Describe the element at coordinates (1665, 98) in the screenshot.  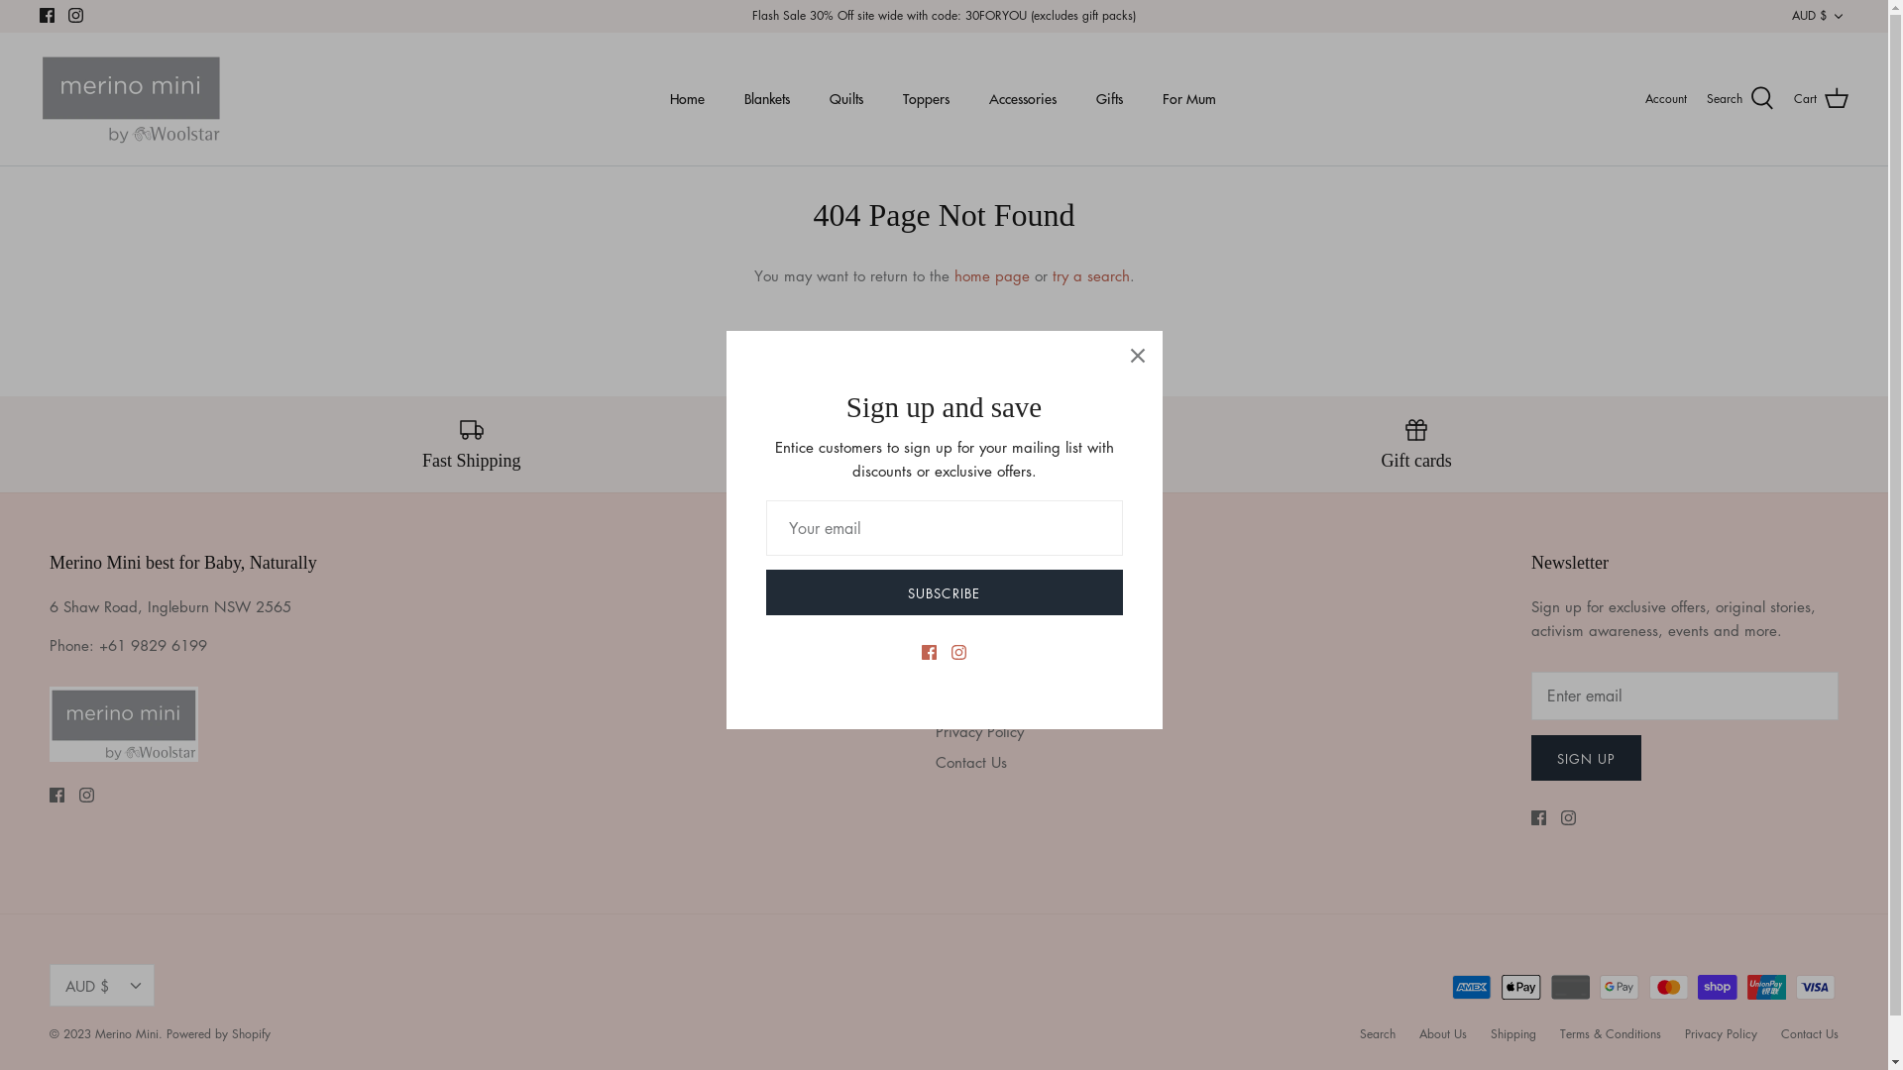
I see `'Account'` at that location.